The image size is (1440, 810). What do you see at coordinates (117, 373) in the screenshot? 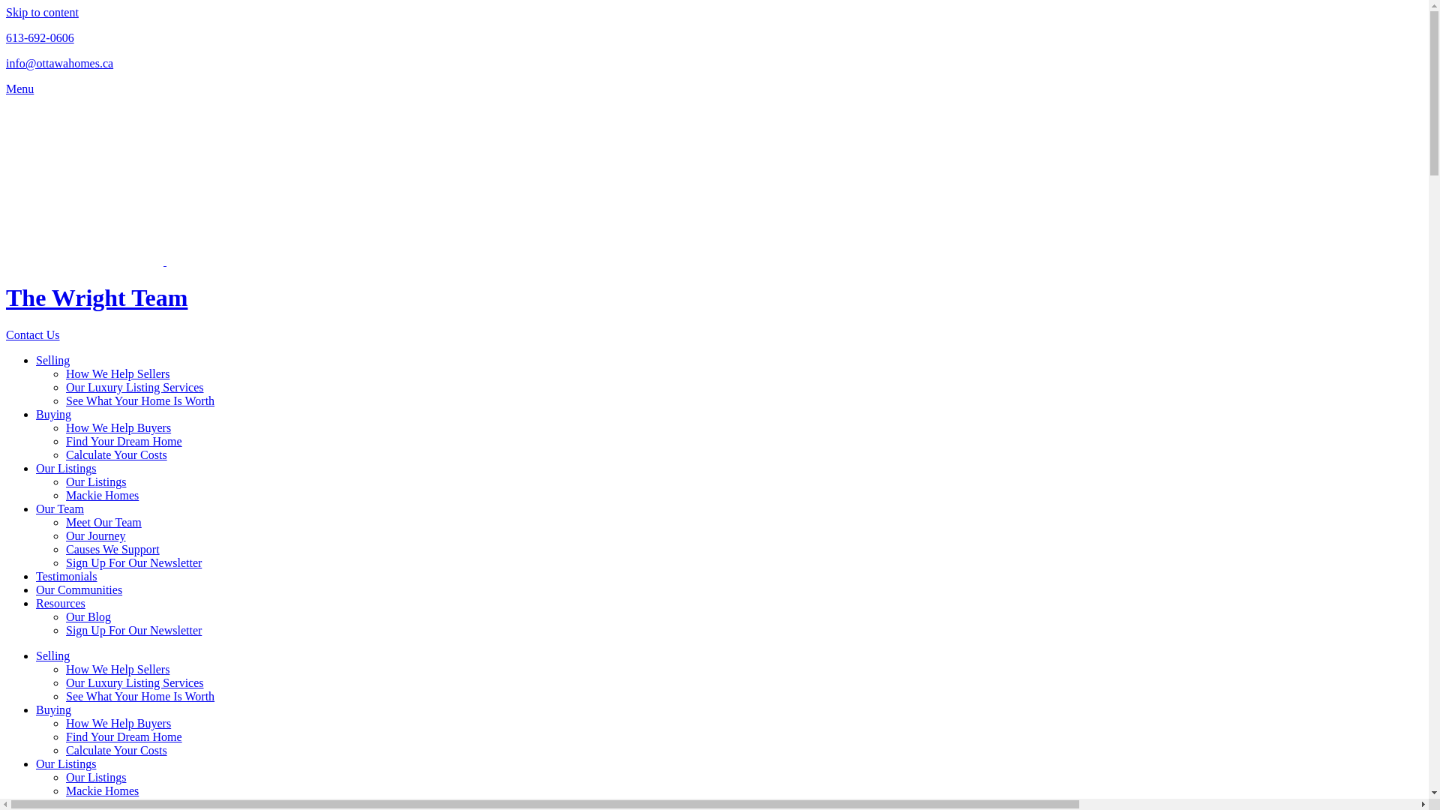
I see `'How We Help Sellers'` at bounding box center [117, 373].